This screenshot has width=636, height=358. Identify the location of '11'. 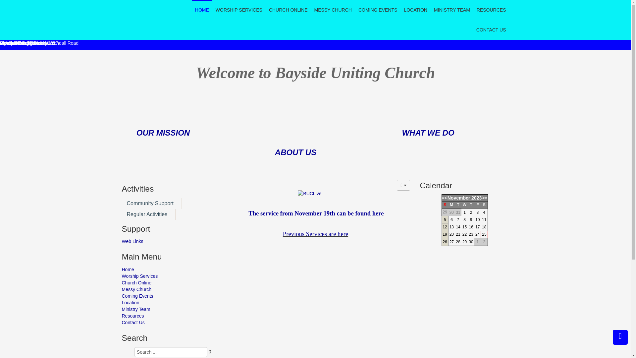
(484, 220).